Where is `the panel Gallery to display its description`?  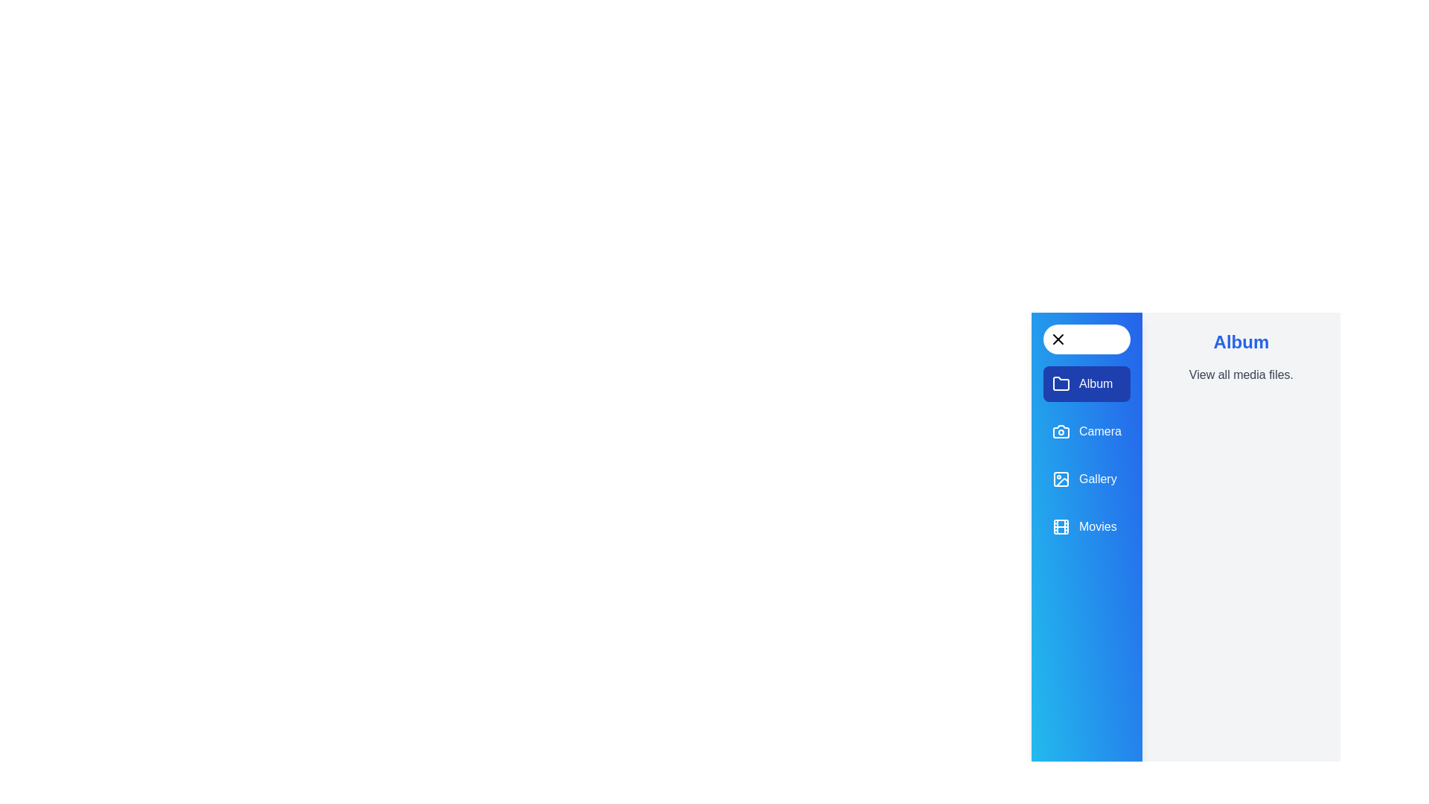 the panel Gallery to display its description is located at coordinates (1087, 479).